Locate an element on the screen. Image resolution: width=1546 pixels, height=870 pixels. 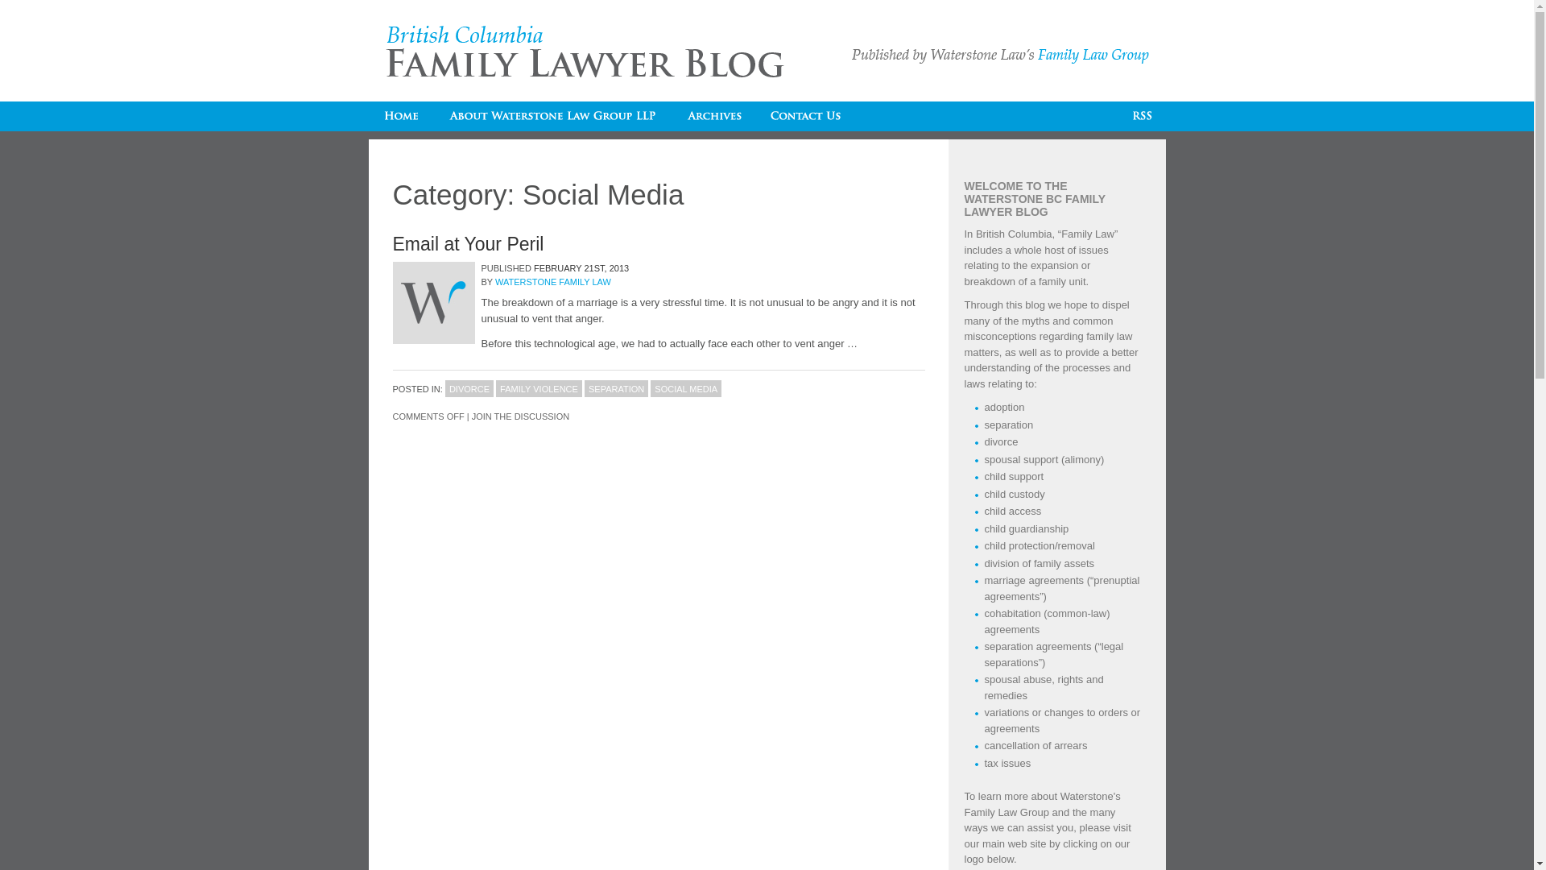
'WATERSTONE FAMILY LAW' is located at coordinates (552, 281).